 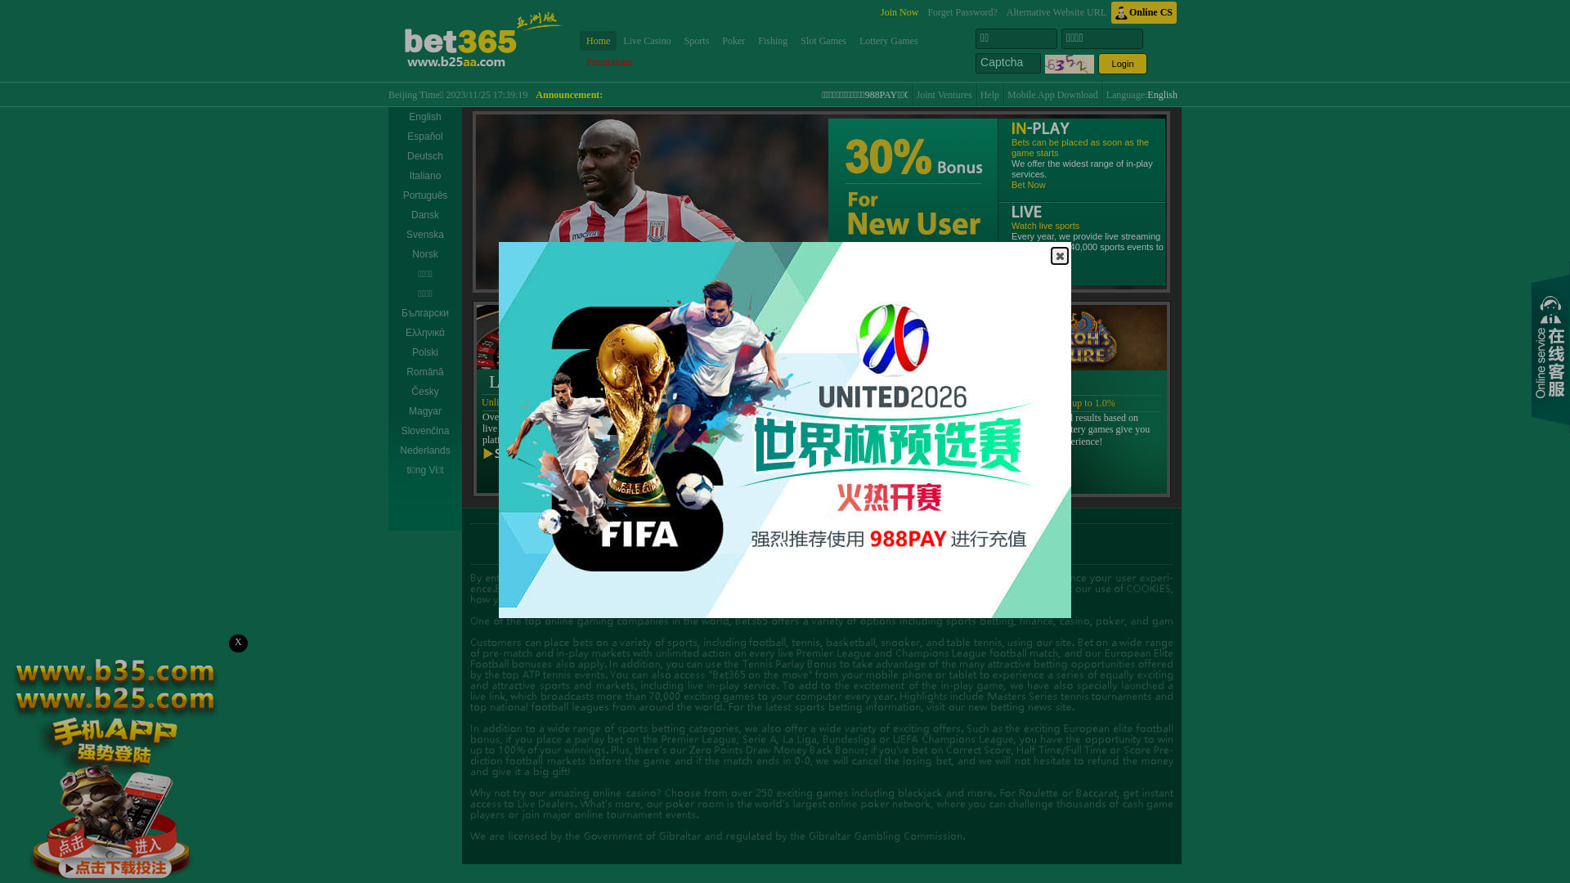 What do you see at coordinates (424, 410) in the screenshot?
I see `'Magyar'` at bounding box center [424, 410].